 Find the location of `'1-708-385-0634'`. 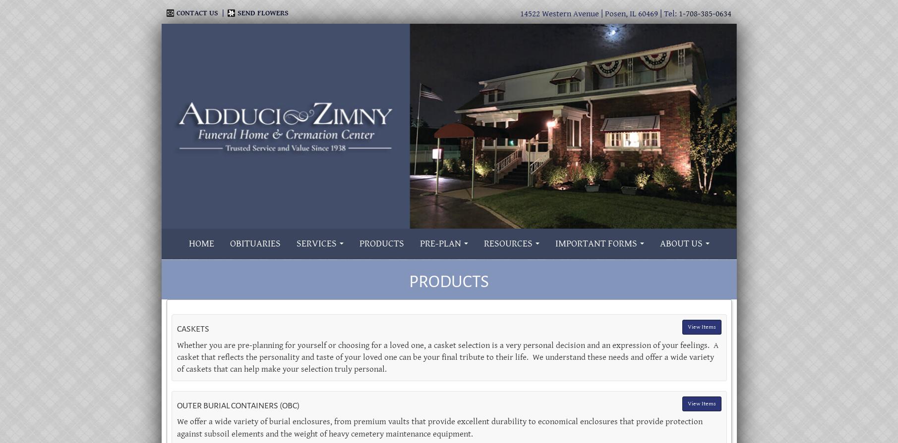

'1-708-385-0634' is located at coordinates (705, 14).